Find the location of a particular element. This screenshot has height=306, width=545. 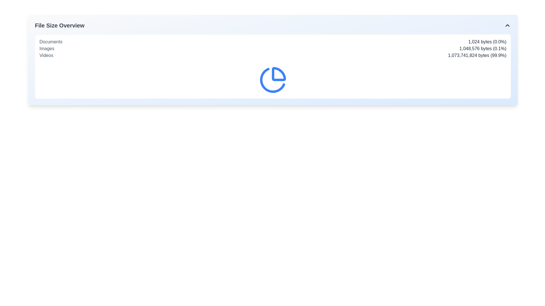

the text element displaying '1,024 bytes (0.0%)' is located at coordinates (487, 41).